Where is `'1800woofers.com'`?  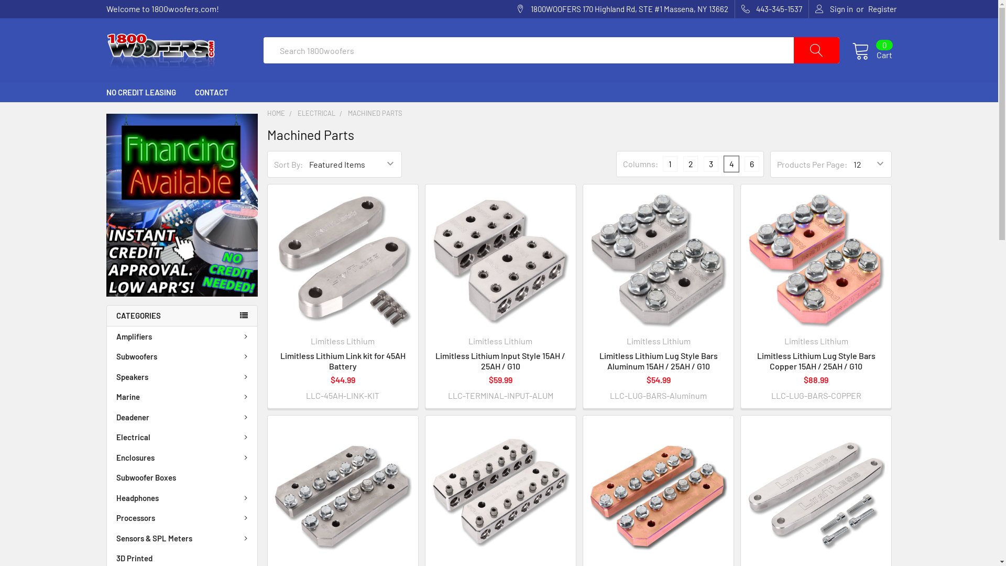 '1800woofers.com' is located at coordinates (160, 50).